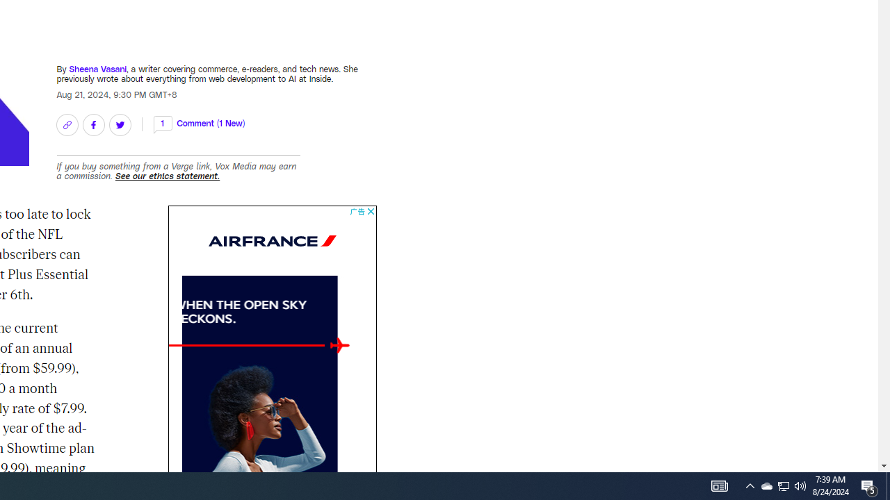 This screenshot has height=500, width=890. Describe the element at coordinates (92, 124) in the screenshot. I see `'Share on Facebook'` at that location.